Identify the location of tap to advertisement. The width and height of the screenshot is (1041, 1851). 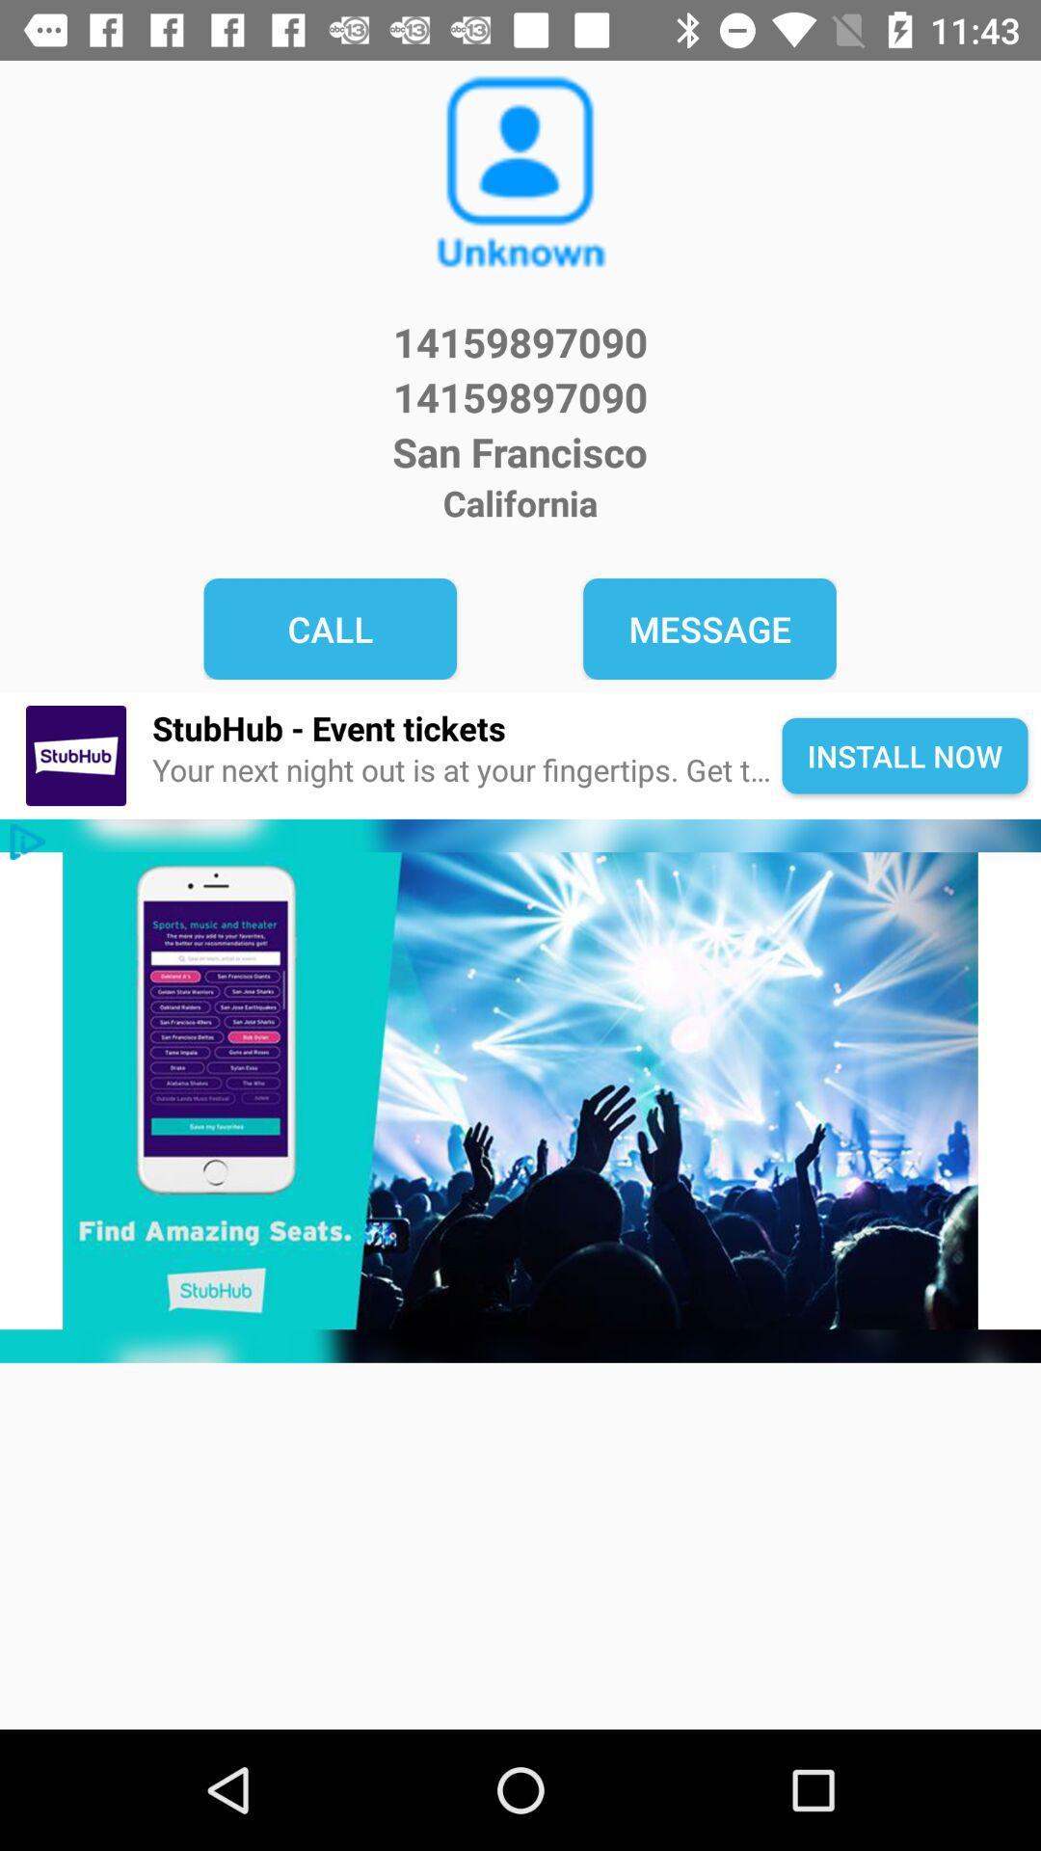
(520, 1090).